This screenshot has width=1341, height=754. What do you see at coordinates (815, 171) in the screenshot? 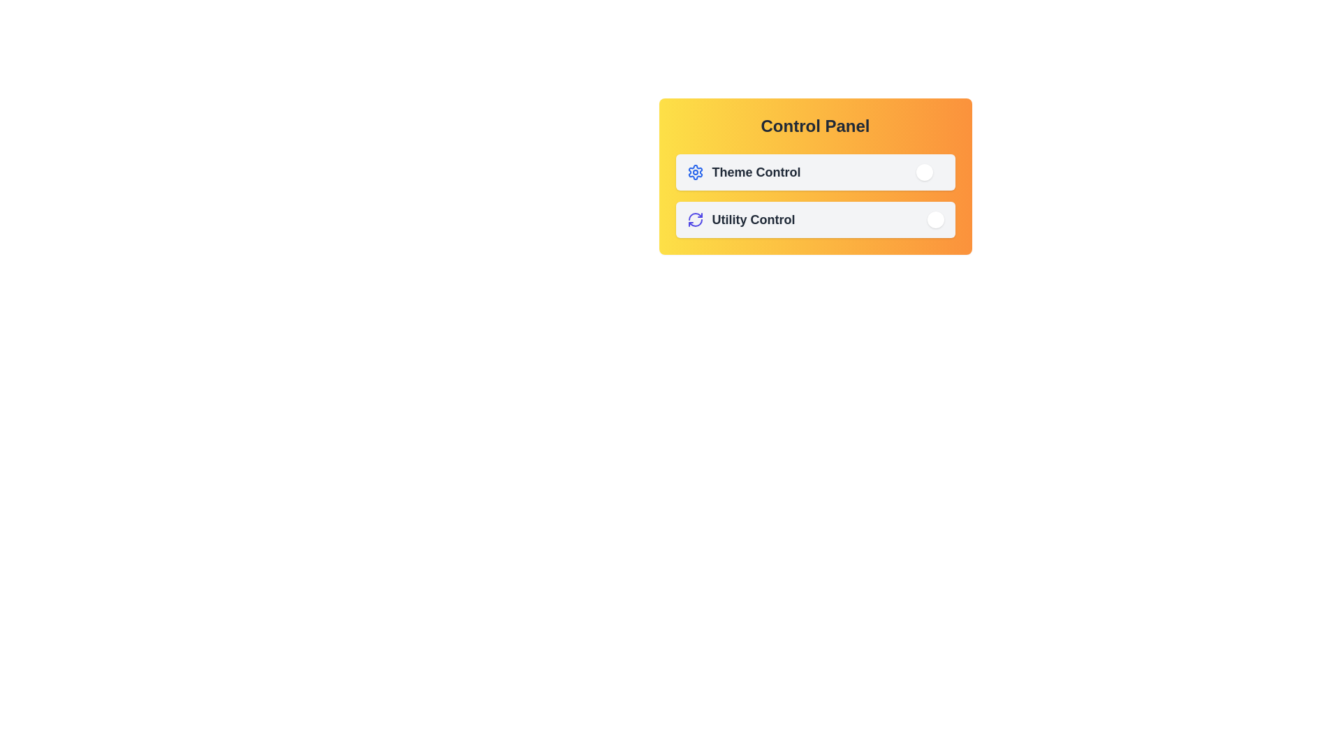
I see `the toggle switch in the 'Theme Control' section` at bounding box center [815, 171].